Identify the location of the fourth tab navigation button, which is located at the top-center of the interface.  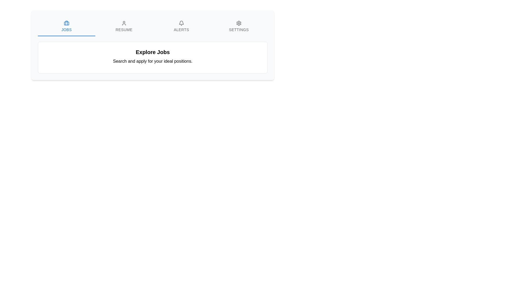
(239, 26).